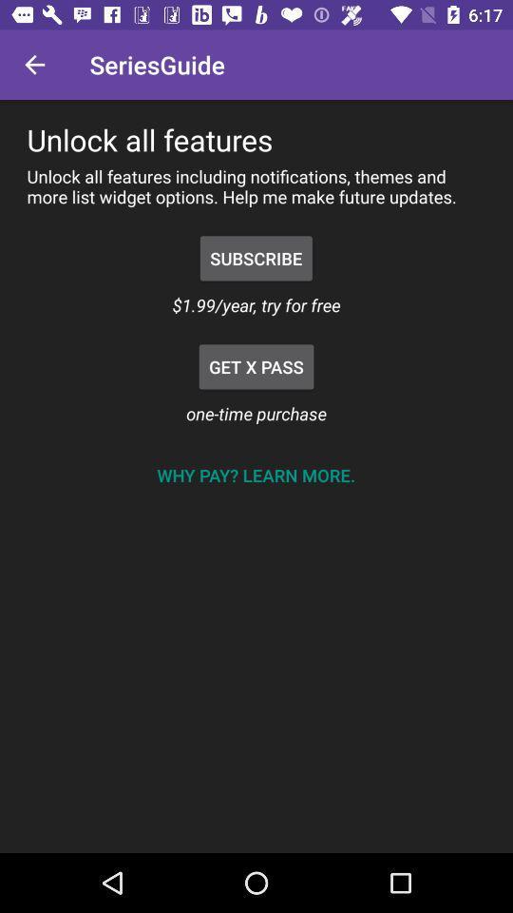  Describe the element at coordinates (256, 474) in the screenshot. I see `why pay learn item` at that location.